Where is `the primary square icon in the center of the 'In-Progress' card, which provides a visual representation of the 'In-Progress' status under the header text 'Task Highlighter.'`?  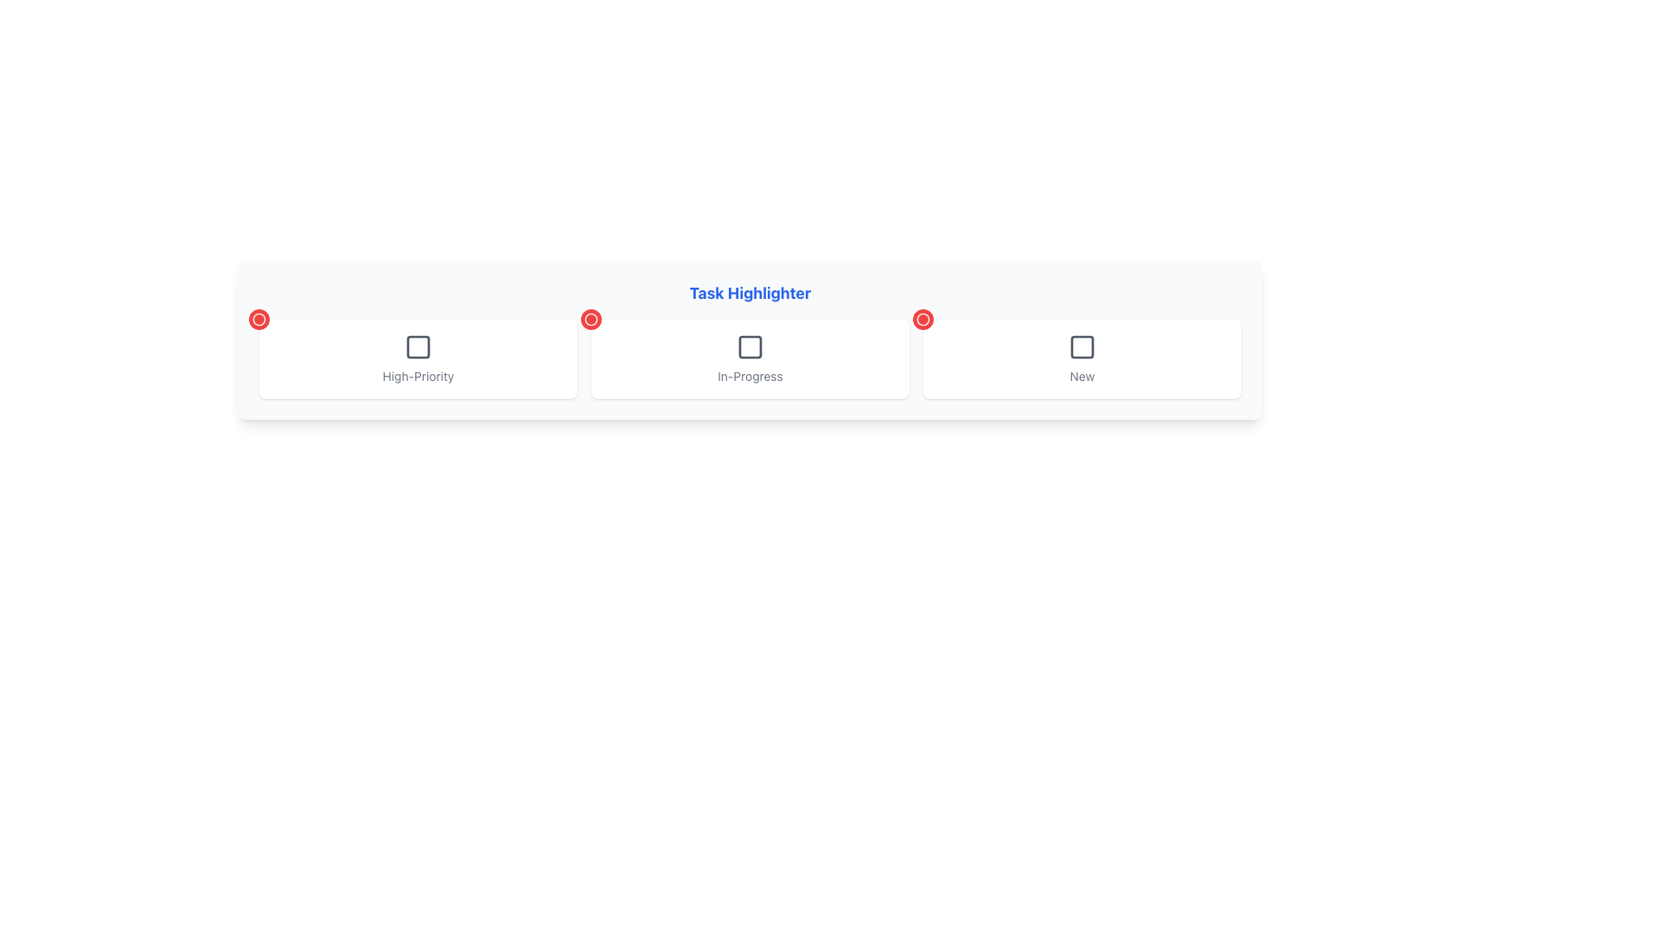
the primary square icon in the center of the 'In-Progress' card, which provides a visual representation of the 'In-Progress' status under the header text 'Task Highlighter.' is located at coordinates (750, 346).